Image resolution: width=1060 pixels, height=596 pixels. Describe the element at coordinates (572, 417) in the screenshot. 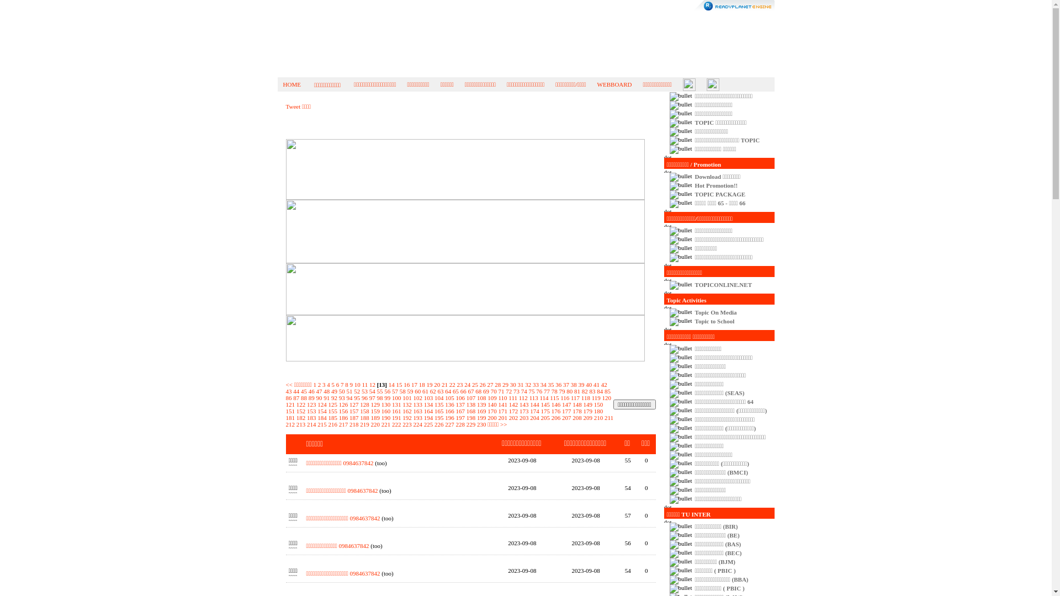

I see `'208'` at that location.